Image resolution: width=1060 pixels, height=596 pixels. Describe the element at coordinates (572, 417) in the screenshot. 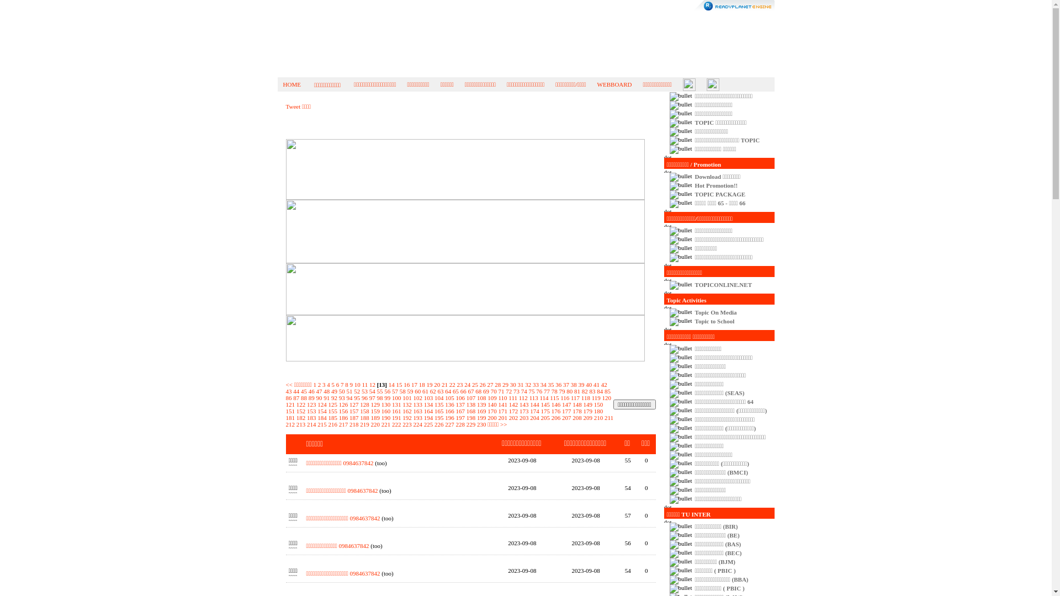

I see `'208'` at that location.